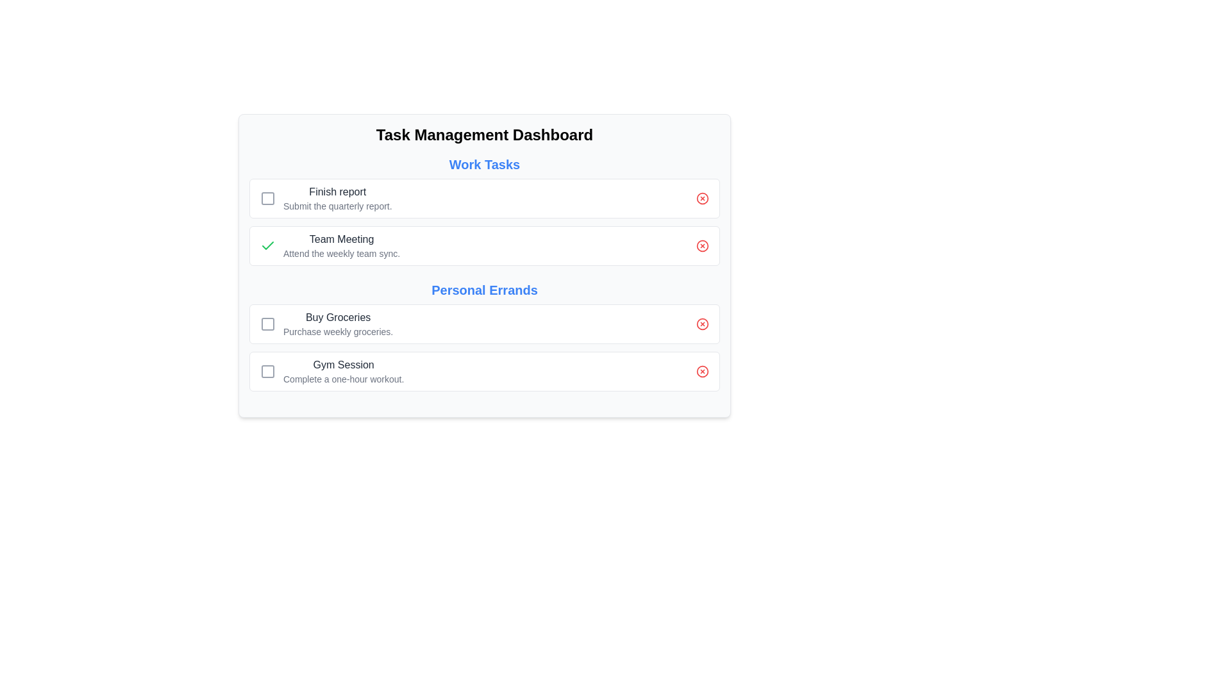 The height and width of the screenshot is (692, 1231). What do you see at coordinates (344, 378) in the screenshot?
I see `the text label displaying 'Complete a one-hour workout.' located below the 'Gym Session' in the 'Personal Errands' section` at bounding box center [344, 378].